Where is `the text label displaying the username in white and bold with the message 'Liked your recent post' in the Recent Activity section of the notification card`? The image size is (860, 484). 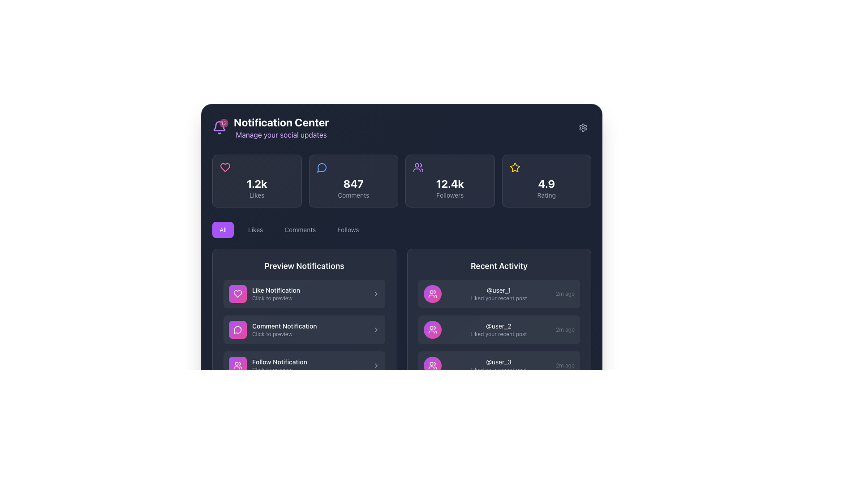 the text label displaying the username in white and bold with the message 'Liked your recent post' in the Recent Activity section of the notification card is located at coordinates (498, 294).